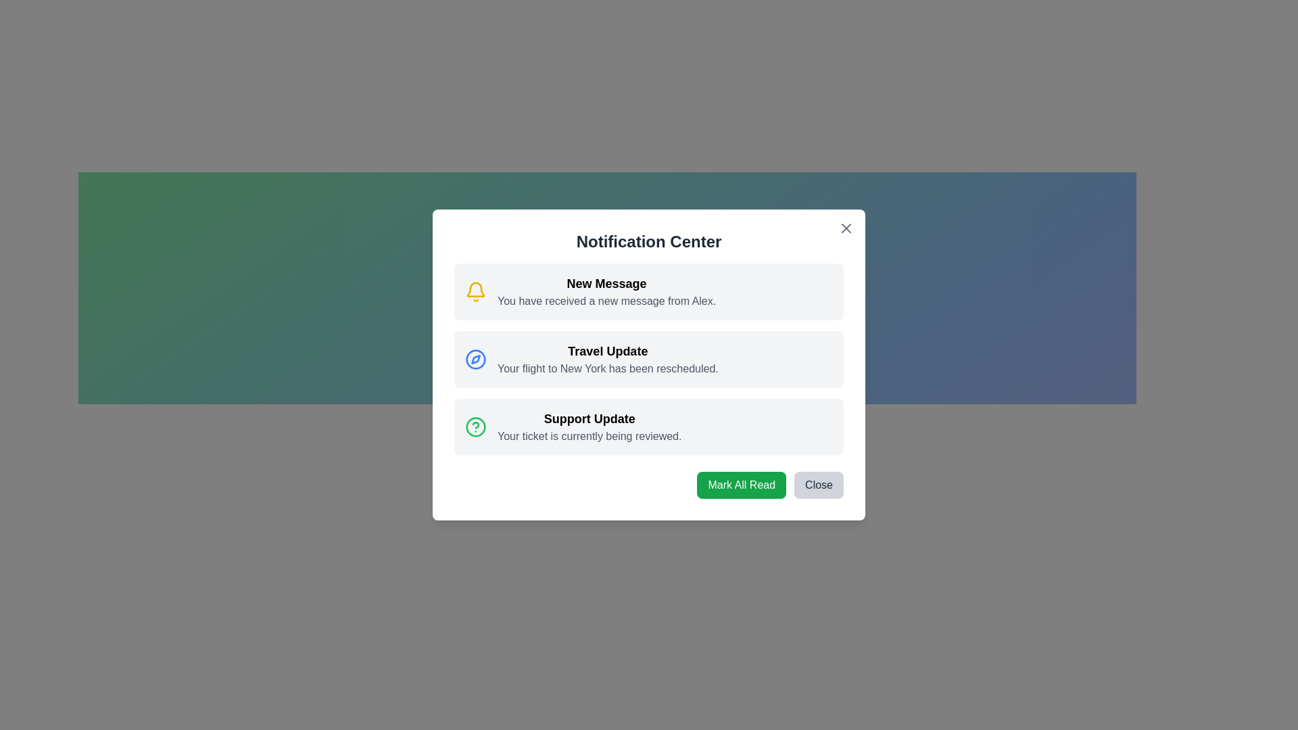 The width and height of the screenshot is (1298, 730). I want to click on static text message displayed in the notification card under the 'Notification Center' heading, specifically the message body of the 'Travel Update' notification, so click(607, 369).